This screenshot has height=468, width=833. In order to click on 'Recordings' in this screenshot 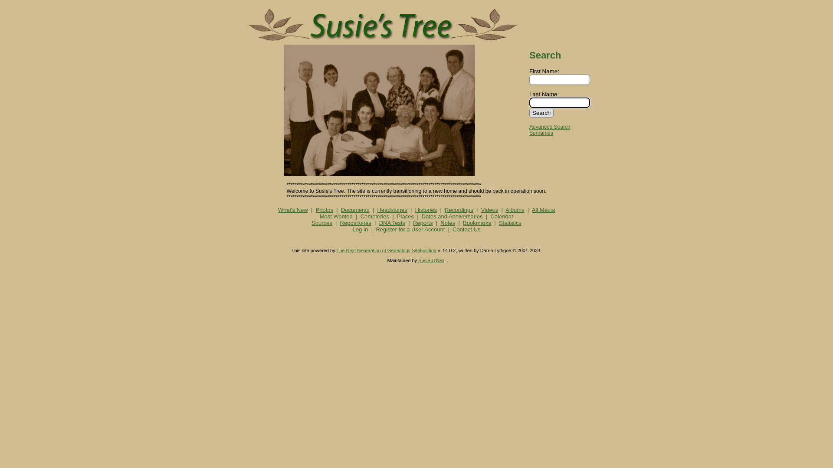, I will do `click(458, 210)`.